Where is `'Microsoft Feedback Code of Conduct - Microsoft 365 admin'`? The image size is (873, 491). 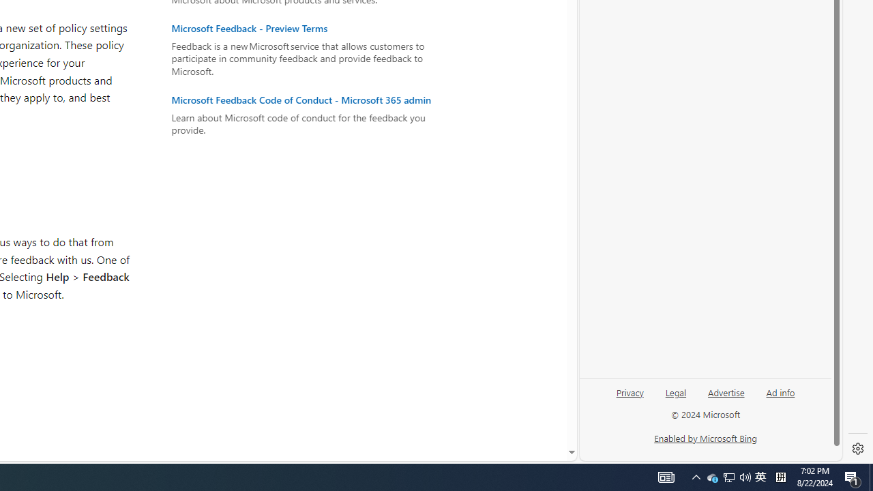 'Microsoft Feedback Code of Conduct - Microsoft 365 admin' is located at coordinates (308, 99).